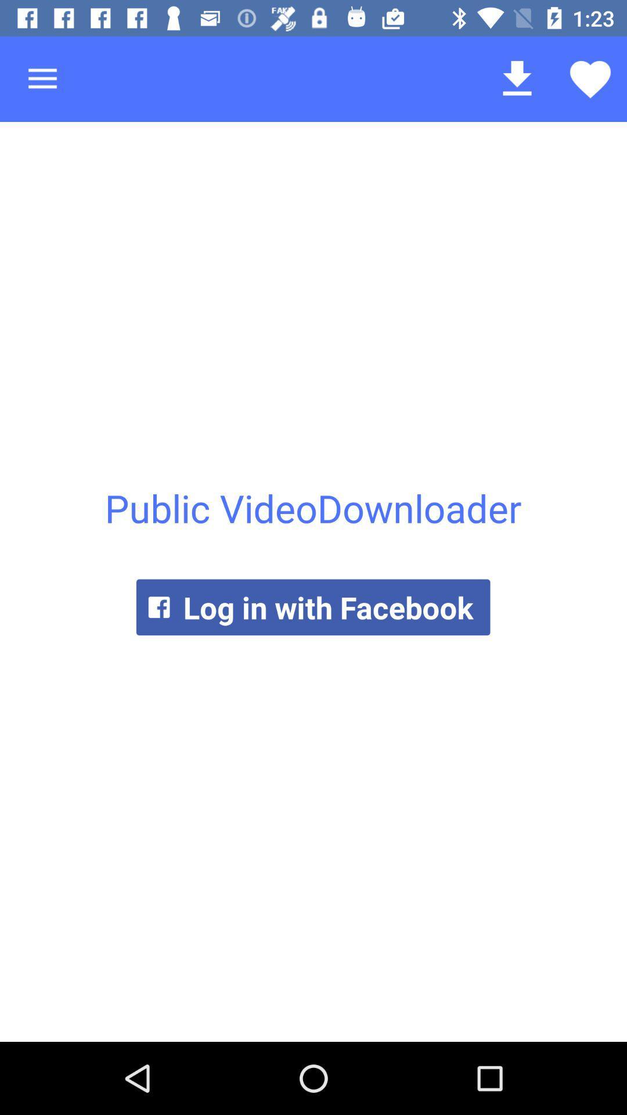 Image resolution: width=627 pixels, height=1115 pixels. Describe the element at coordinates (42, 78) in the screenshot. I see `icon at the top left corner` at that location.